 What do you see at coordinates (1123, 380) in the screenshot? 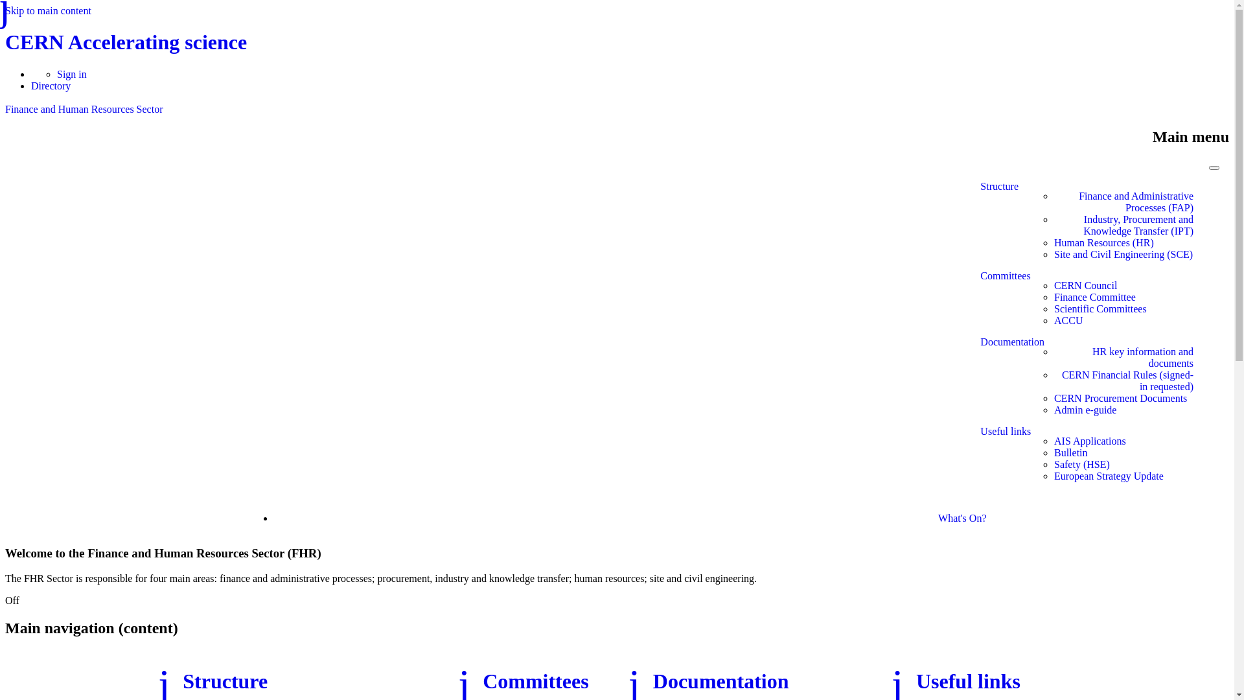
I see `'CERN Financial Rules (signed-in requested)'` at bounding box center [1123, 380].